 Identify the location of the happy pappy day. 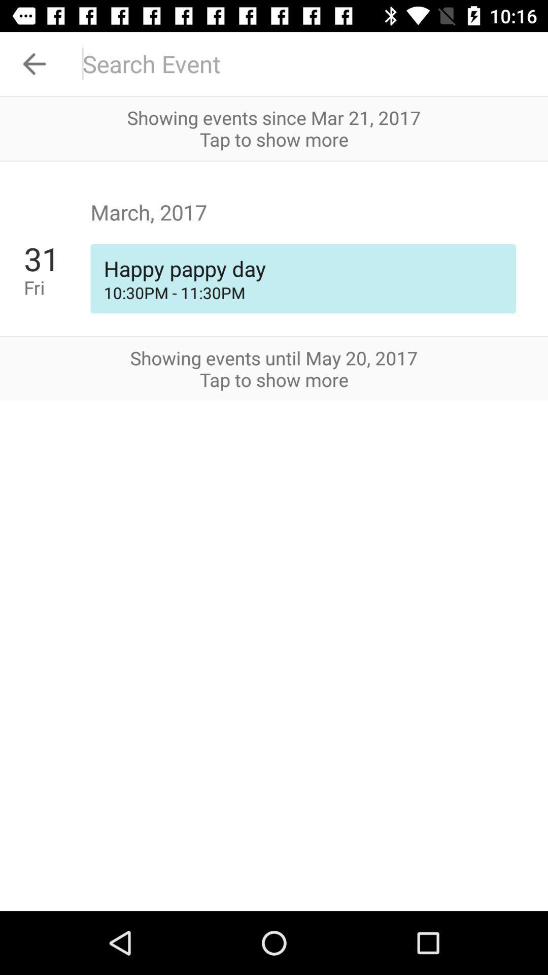
(302, 268).